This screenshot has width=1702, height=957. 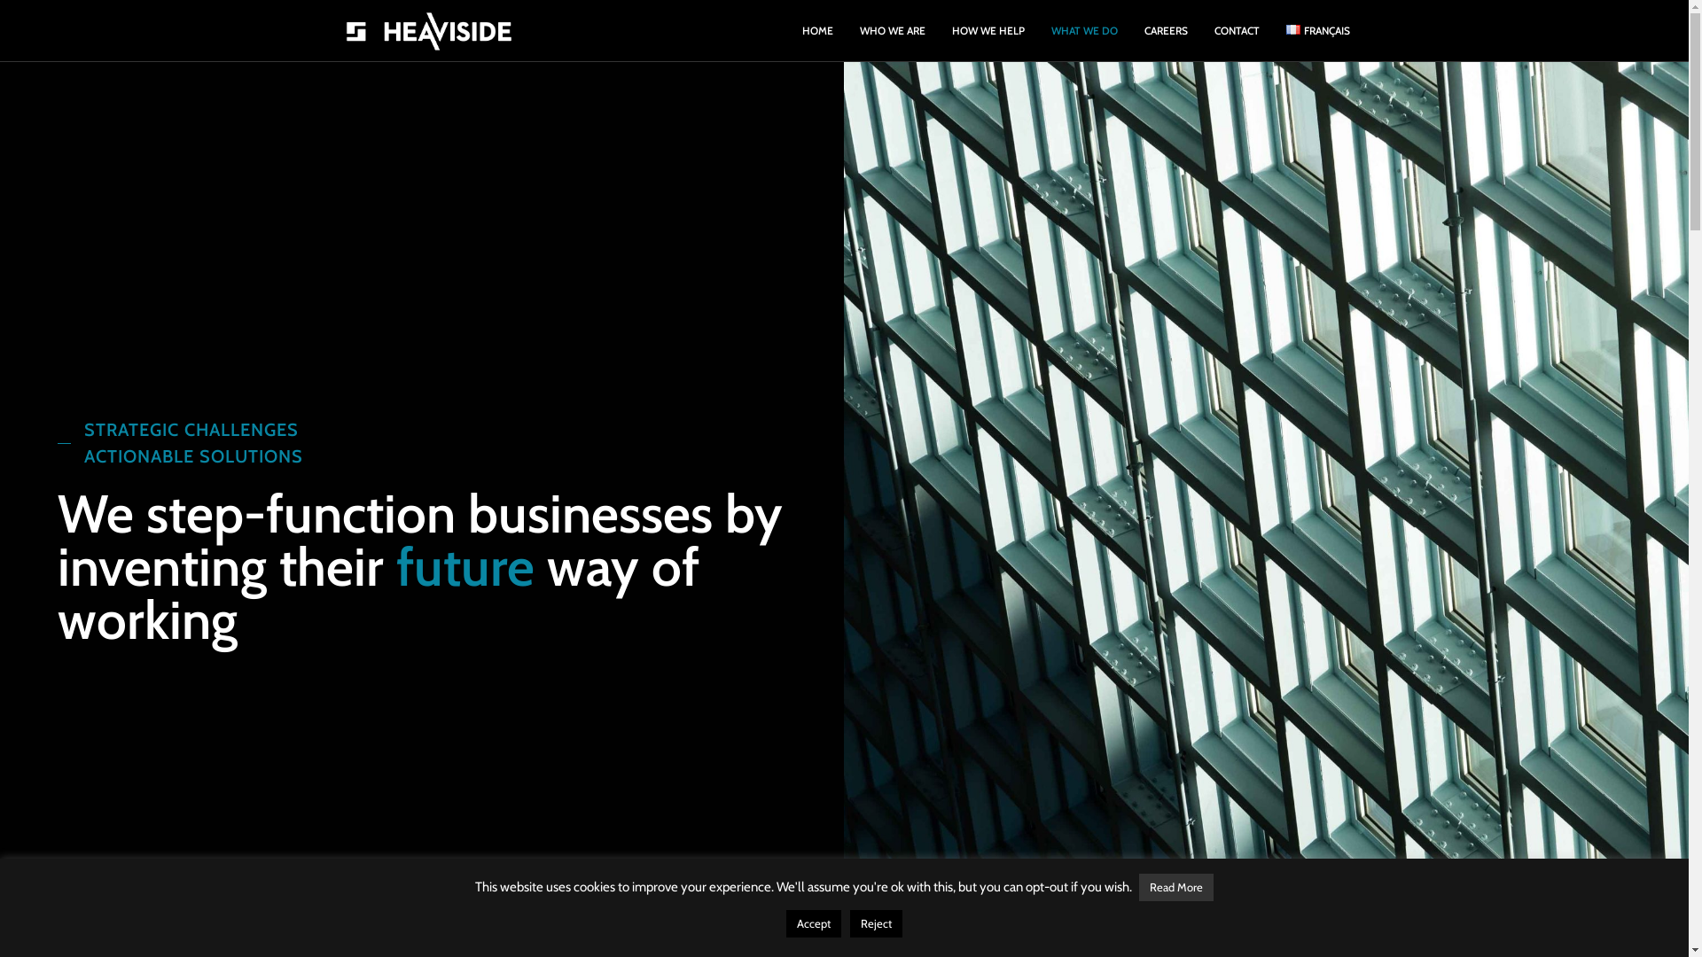 I want to click on 'WHAT WE DO', so click(x=1083, y=30).